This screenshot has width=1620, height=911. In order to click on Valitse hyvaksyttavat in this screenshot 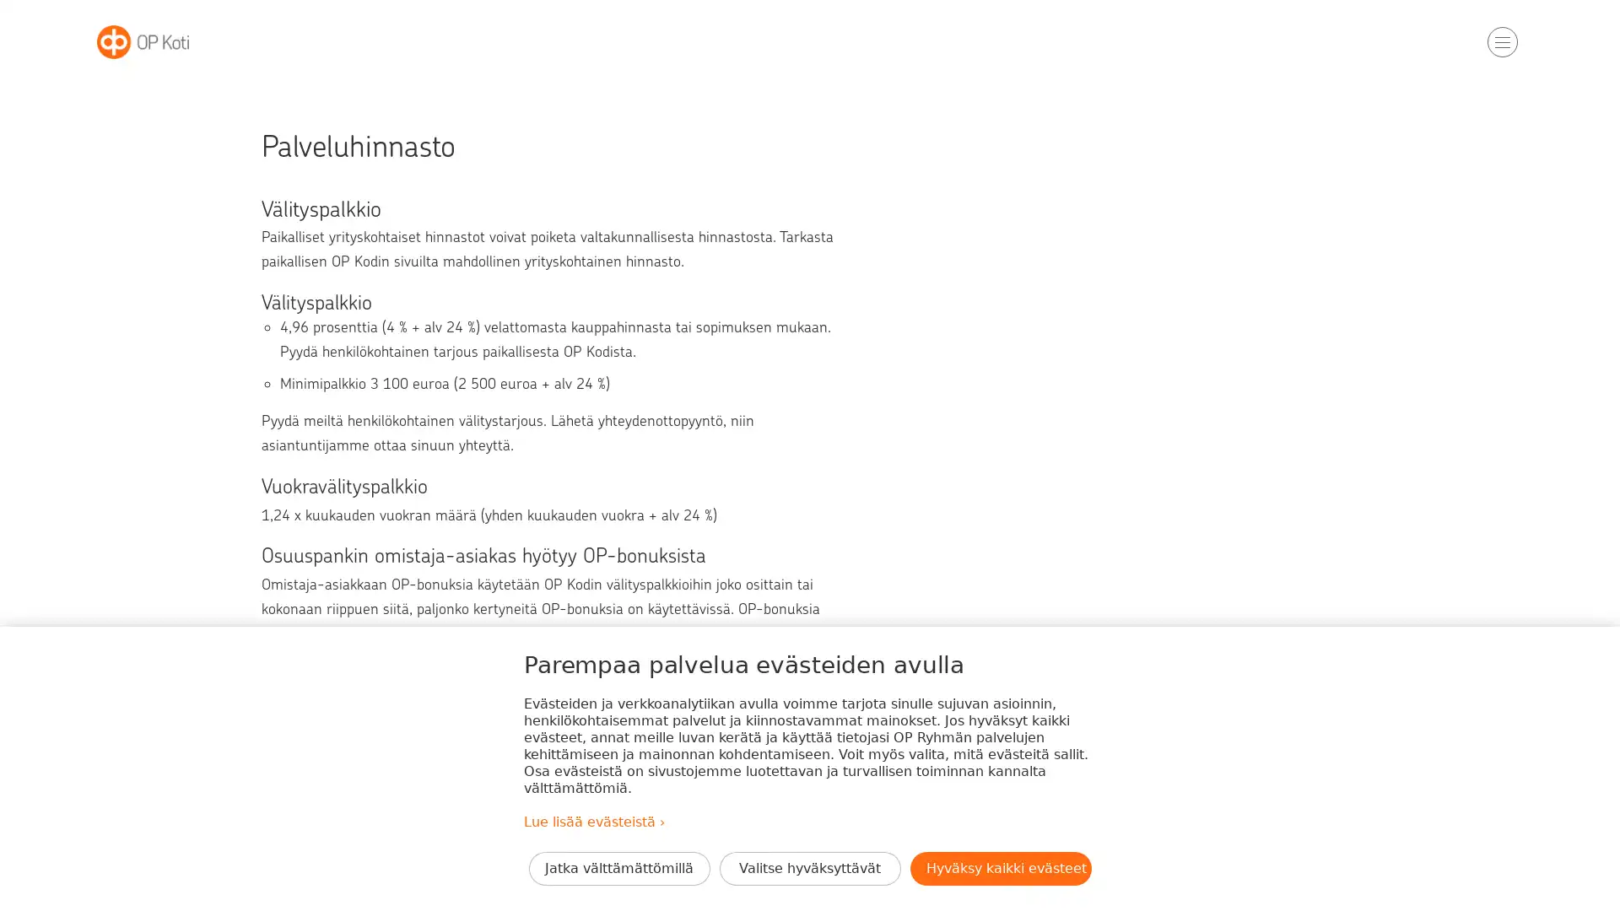, I will do `click(808, 868)`.